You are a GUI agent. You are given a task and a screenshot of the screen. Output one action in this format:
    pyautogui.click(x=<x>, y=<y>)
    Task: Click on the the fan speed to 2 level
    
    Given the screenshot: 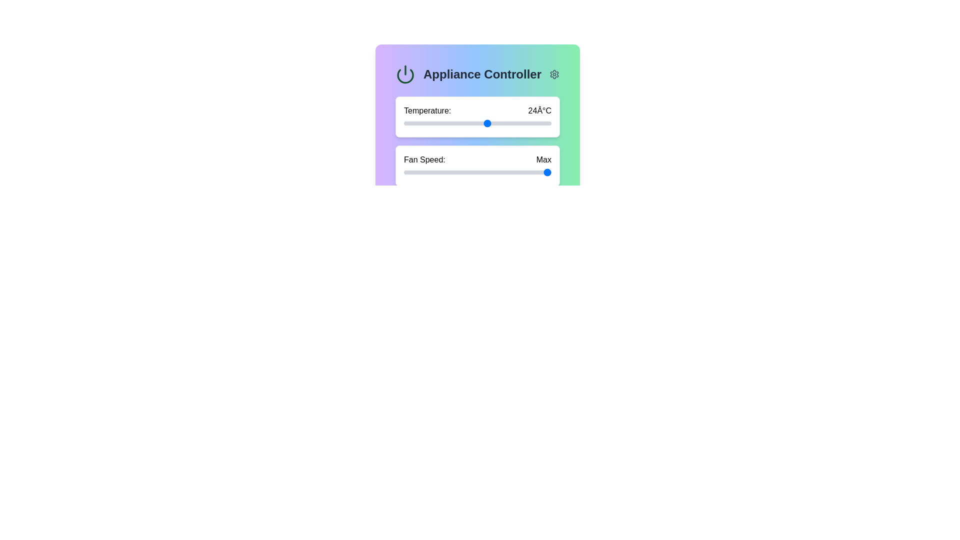 What is the action you would take?
    pyautogui.click(x=502, y=171)
    